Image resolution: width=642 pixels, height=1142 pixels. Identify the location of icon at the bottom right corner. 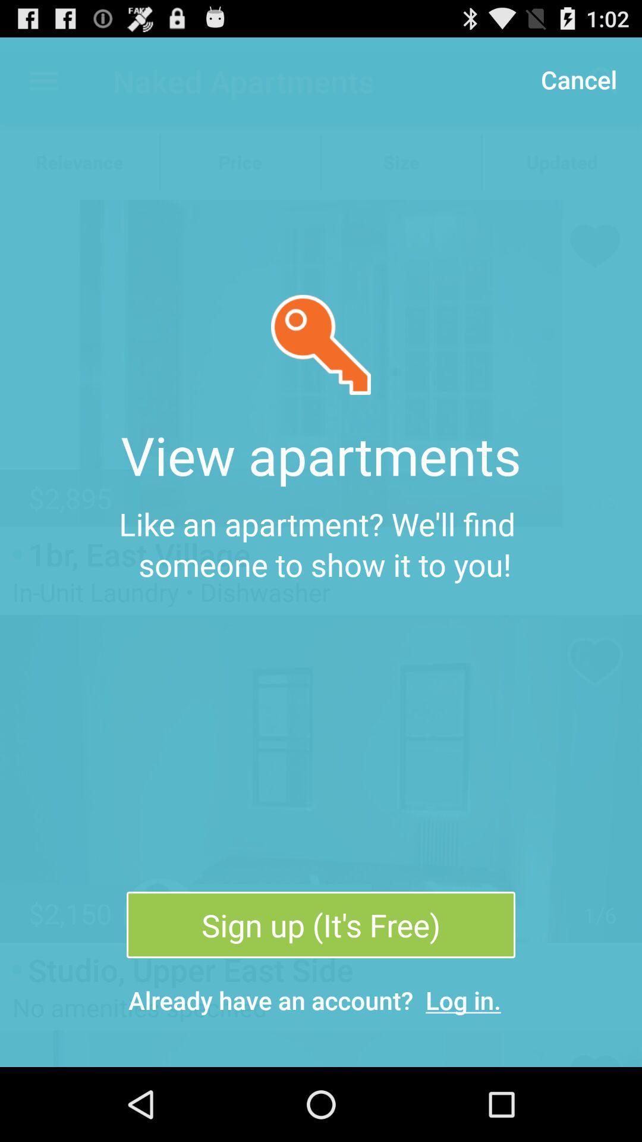
(462, 999).